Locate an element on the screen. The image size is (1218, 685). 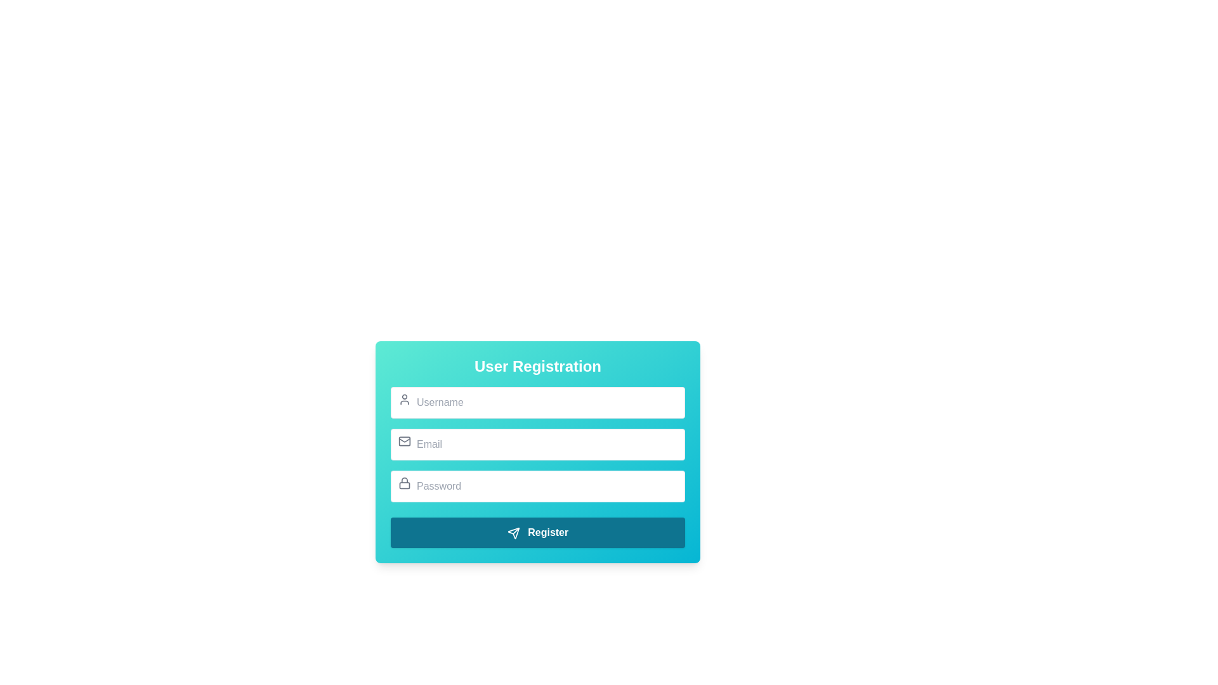
the envelope-shaped icon with a minimalist outline design, located to the left of the email input field in the User Registration form is located at coordinates (404, 440).